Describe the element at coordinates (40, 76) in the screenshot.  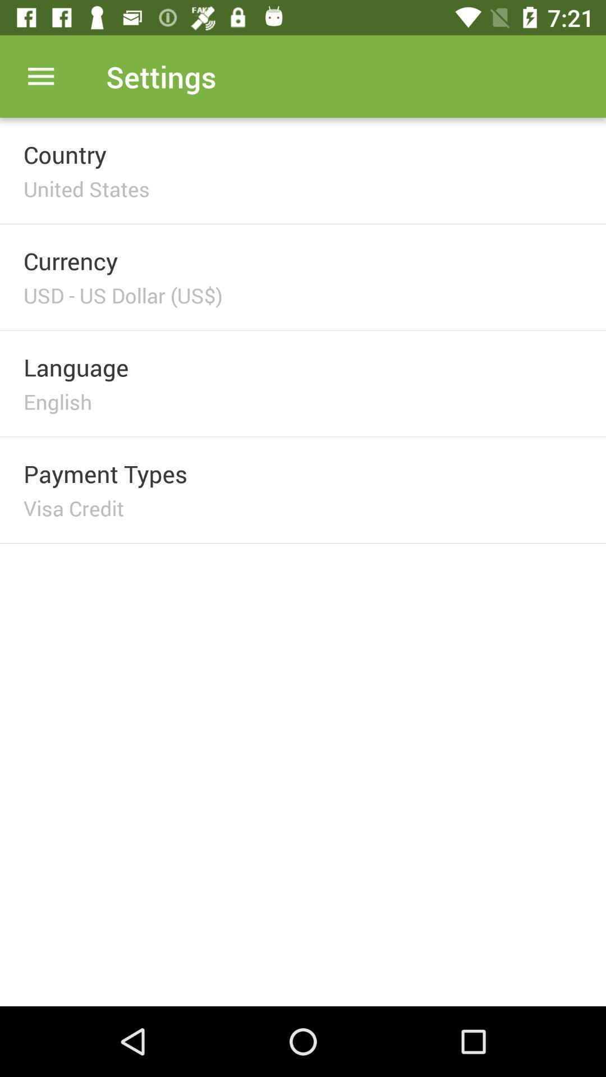
I see `click for more option` at that location.